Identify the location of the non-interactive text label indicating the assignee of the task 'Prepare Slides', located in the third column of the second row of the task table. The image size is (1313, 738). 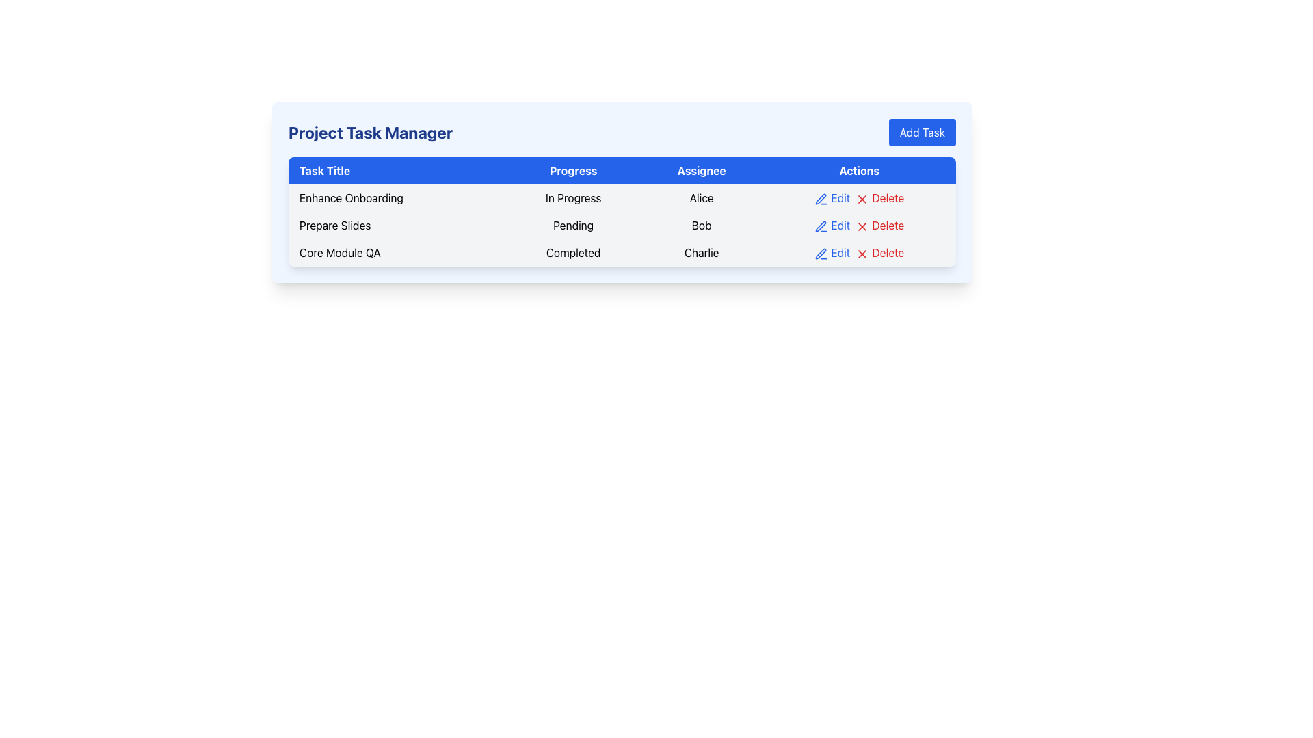
(702, 225).